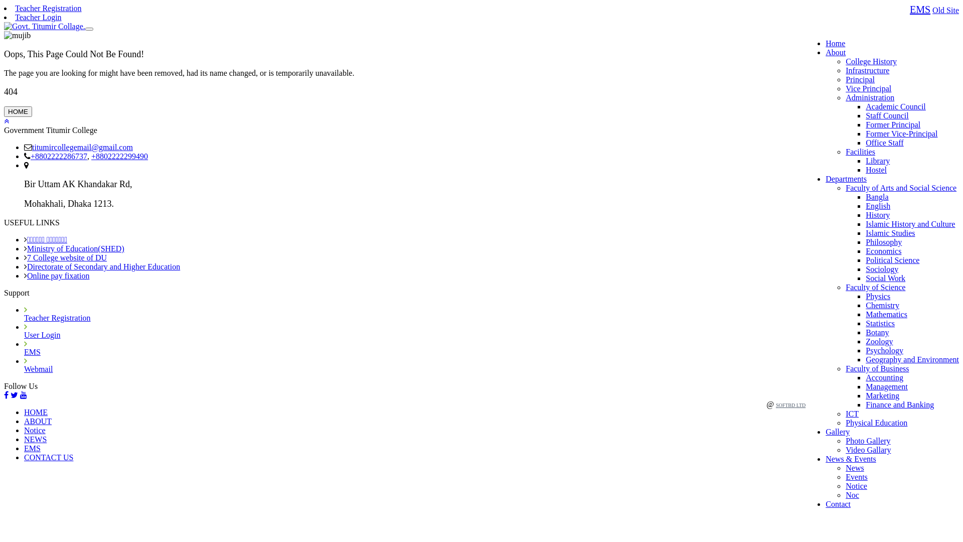  I want to click on 'Contact', so click(838, 504).